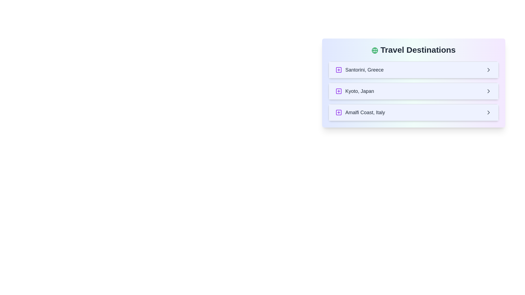 The width and height of the screenshot is (525, 295). Describe the element at coordinates (375, 51) in the screenshot. I see `the travel destinations icon located to the immediate left of the text 'Travel Destinations' in the heading area` at that location.